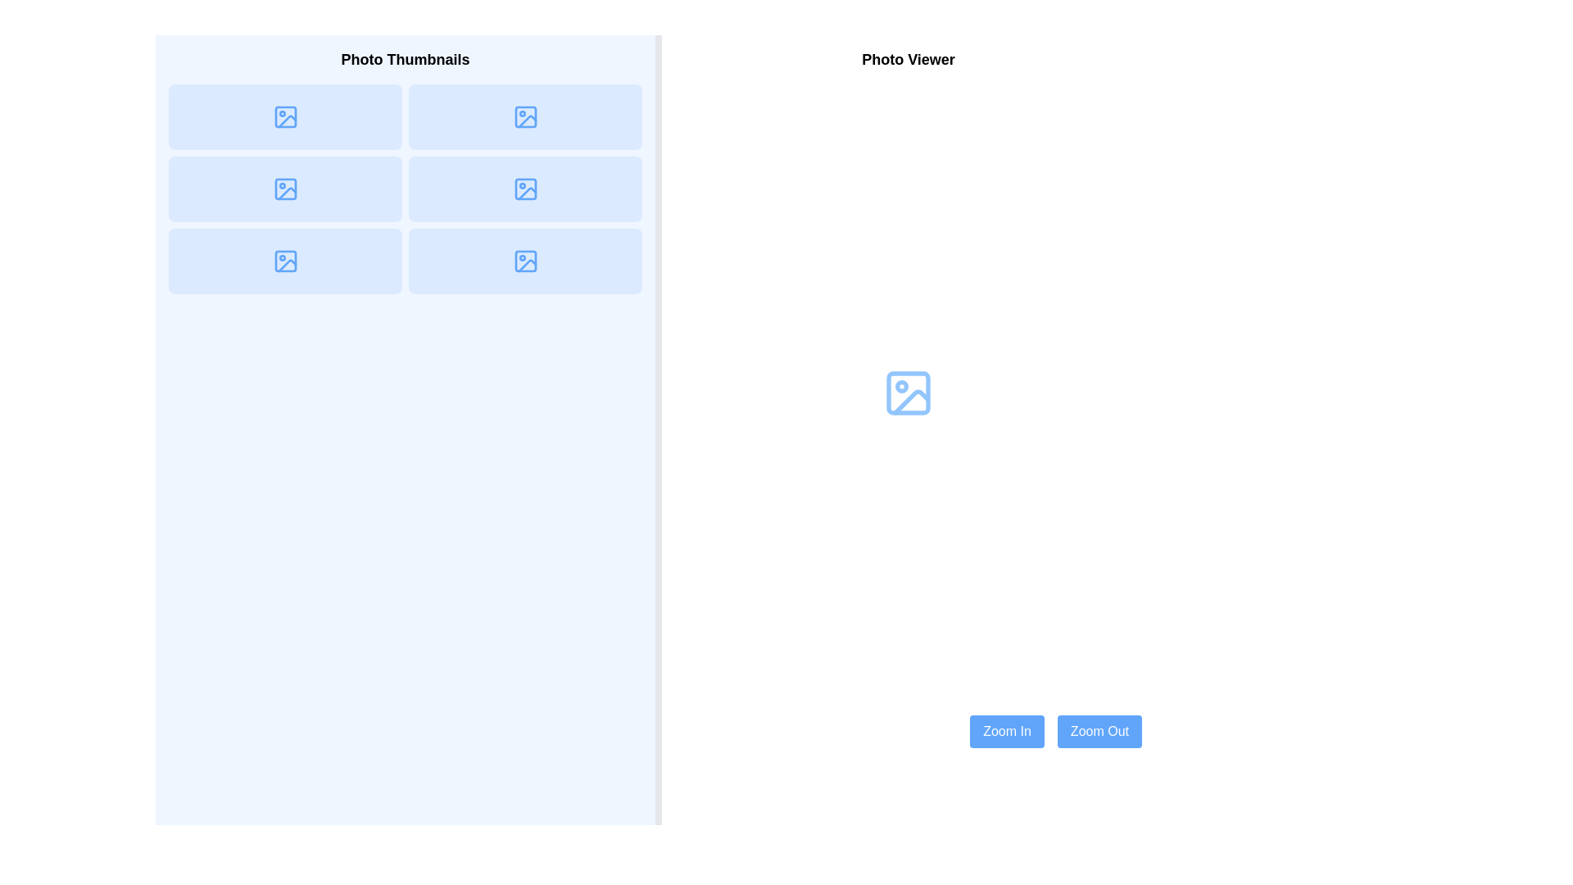  Describe the element at coordinates (900, 386) in the screenshot. I see `the small dot within the SVG icon located on the right side of the interface, closer to the bottom center` at that location.